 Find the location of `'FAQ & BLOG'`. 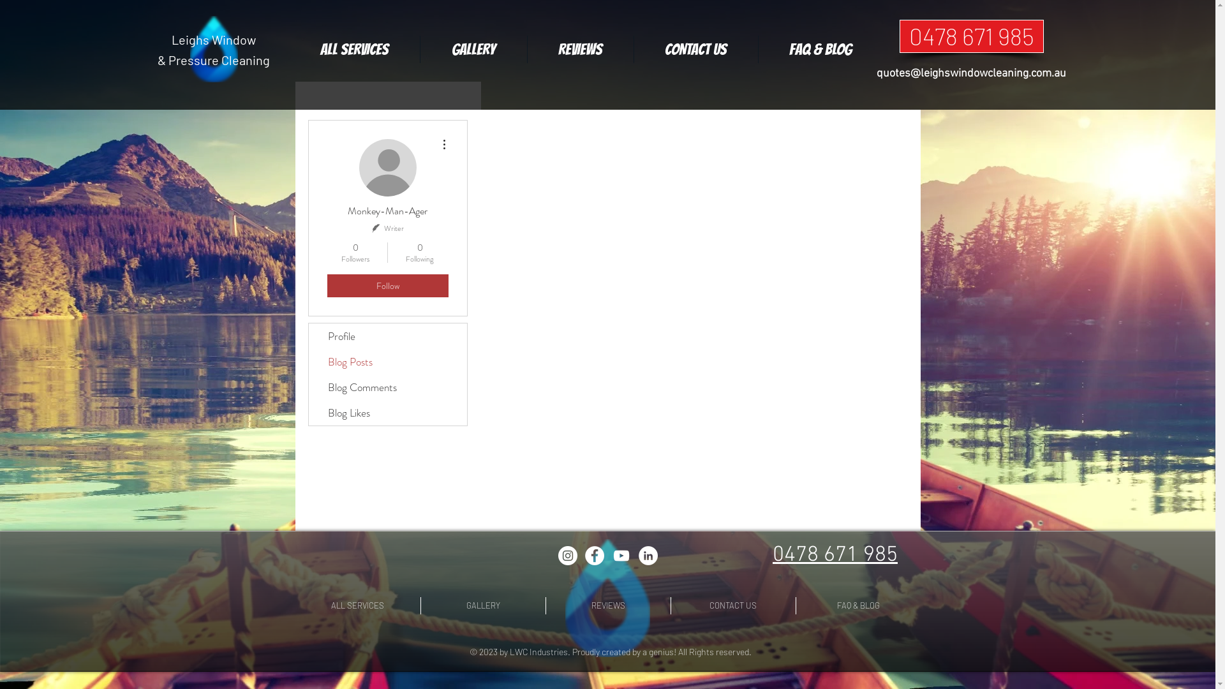

'FAQ & BLOG' is located at coordinates (796, 605).